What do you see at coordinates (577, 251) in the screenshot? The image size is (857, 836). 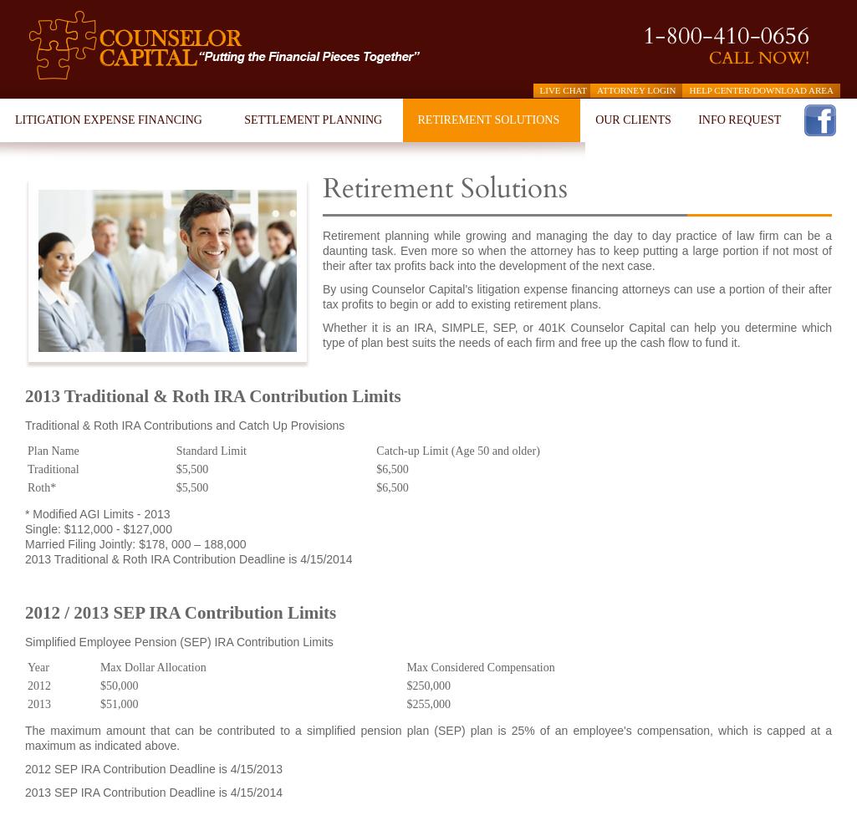 I see `'Retirement planning while growing and managing the day to day practice of law firm can be a daunting task. Even more so when the attorney has to keep putting a large portion if not most of their after tax profits back into the development of the next case.'` at bounding box center [577, 251].